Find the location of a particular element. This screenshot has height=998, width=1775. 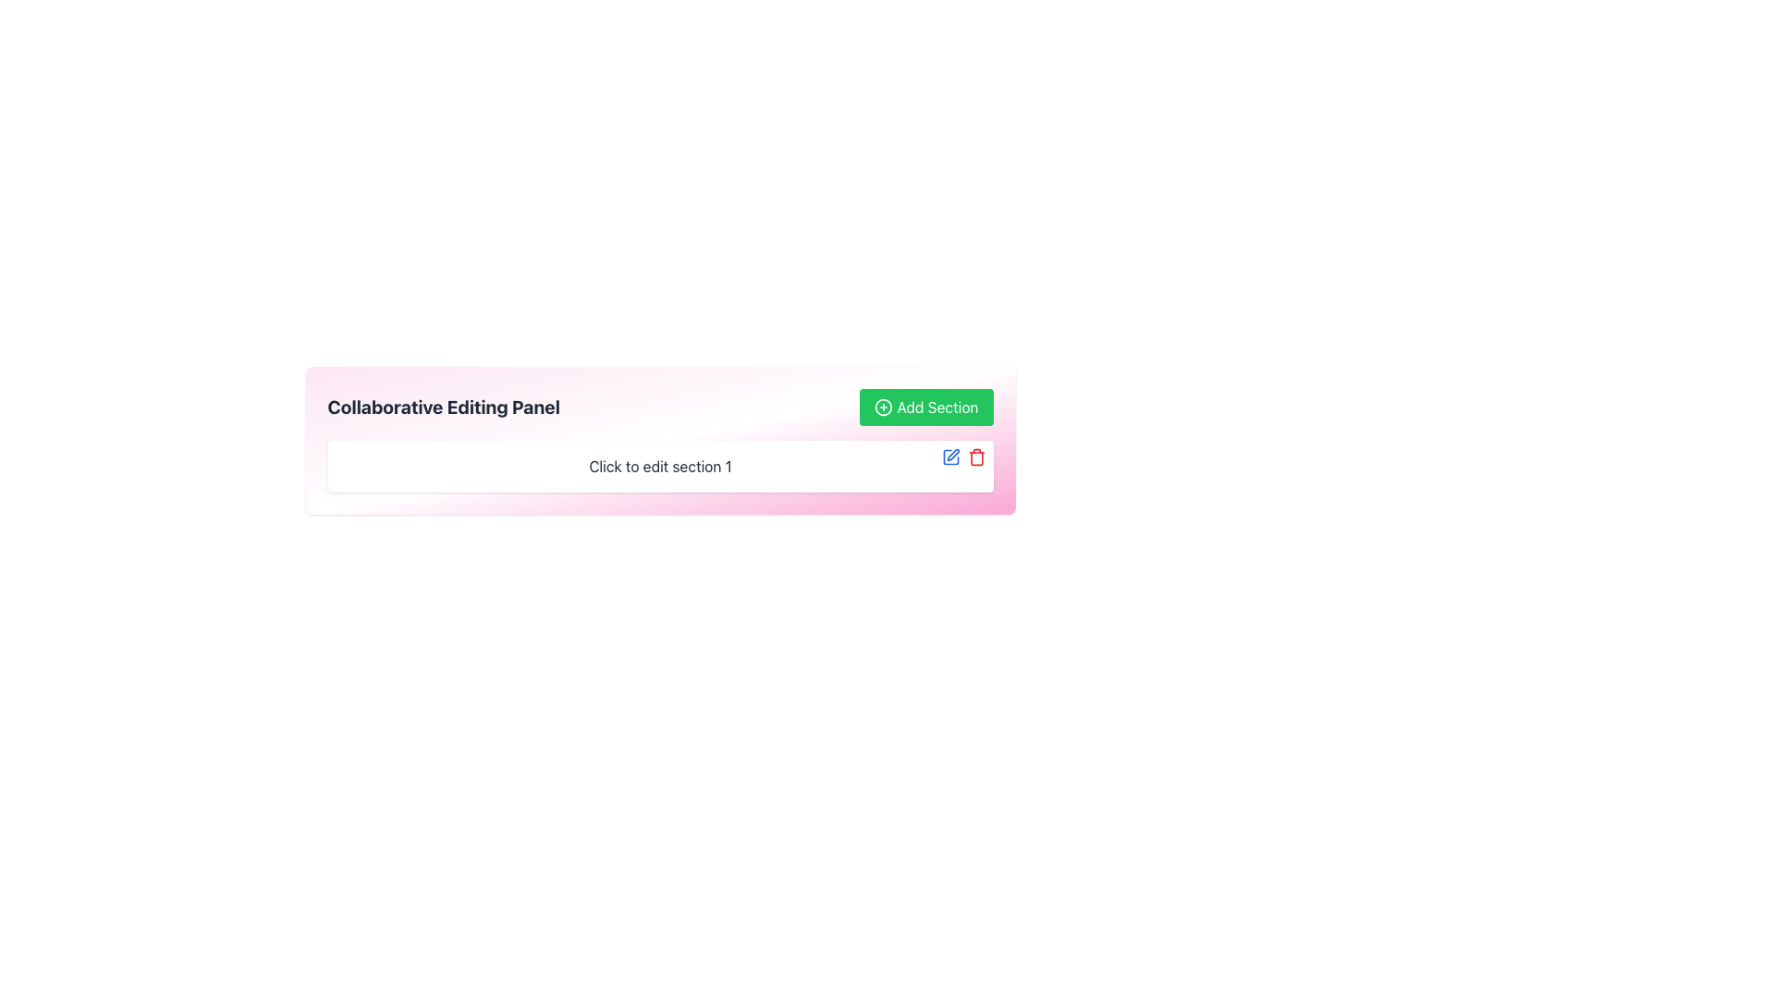

the Text Label displaying 'Collaborative Editing Panel', which is located at the top-left area of the pink background panel is located at coordinates (444, 406).